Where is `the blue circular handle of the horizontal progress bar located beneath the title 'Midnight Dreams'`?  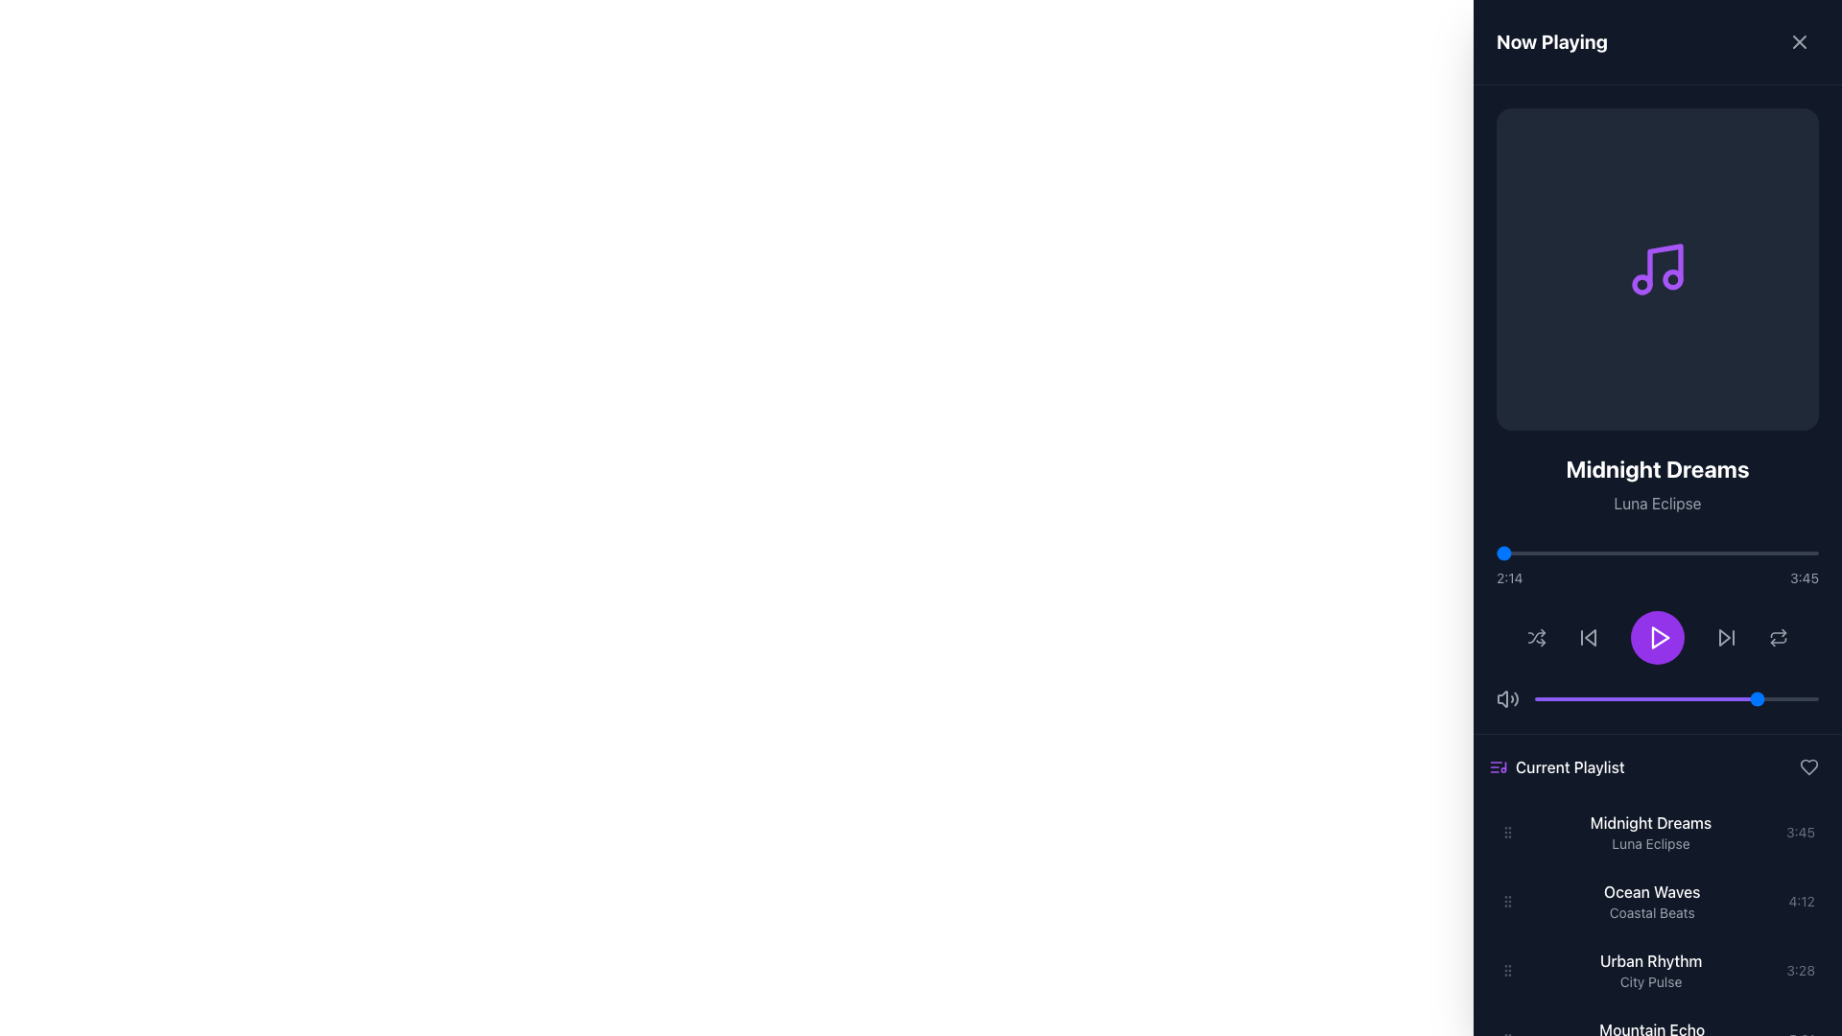
the blue circular handle of the horizontal progress bar located beneath the title 'Midnight Dreams' is located at coordinates (1657, 550).